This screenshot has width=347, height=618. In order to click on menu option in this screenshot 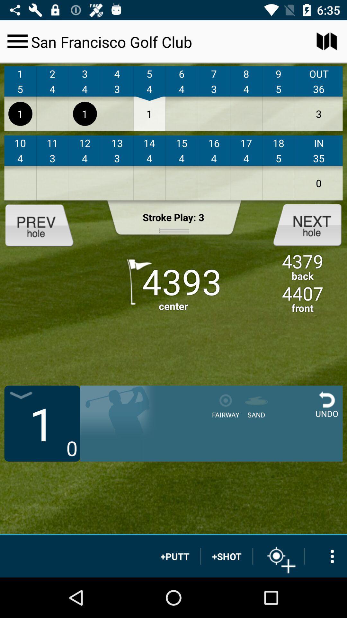, I will do `click(17, 41)`.